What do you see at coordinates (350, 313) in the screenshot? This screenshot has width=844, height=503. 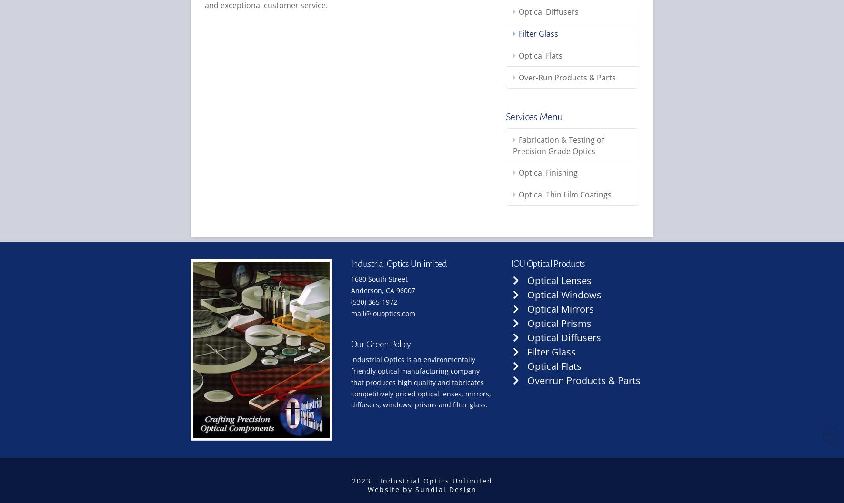 I see `'mail@iouoptics.com'` at bounding box center [350, 313].